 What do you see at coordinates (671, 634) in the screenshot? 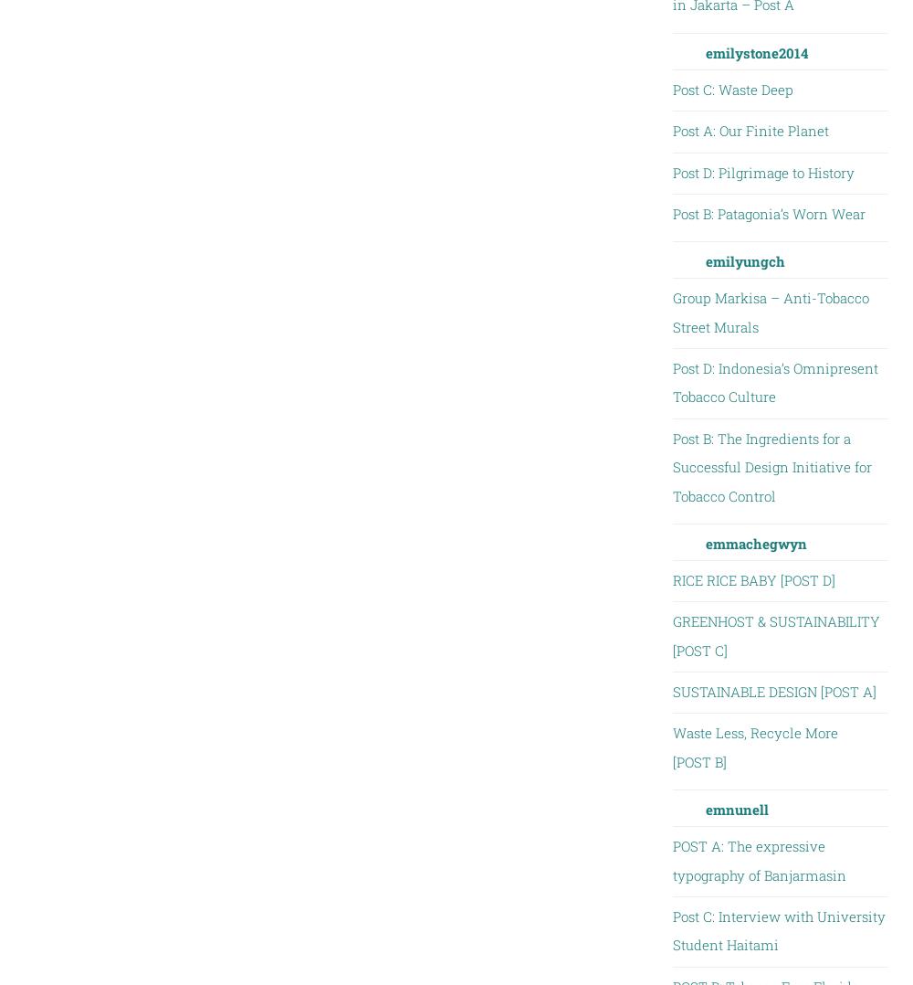
I see `'GREENHOST & SUSTAINABILITY [POST C]'` at bounding box center [671, 634].